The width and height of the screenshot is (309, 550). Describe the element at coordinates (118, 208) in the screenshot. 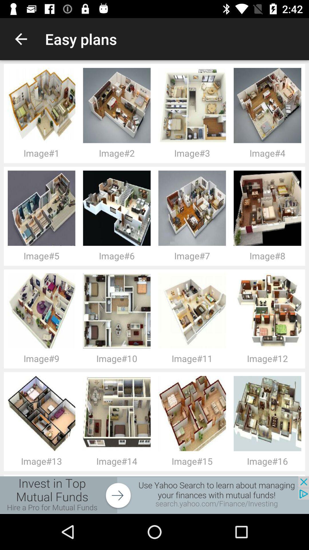

I see `the second image in second row from left` at that location.